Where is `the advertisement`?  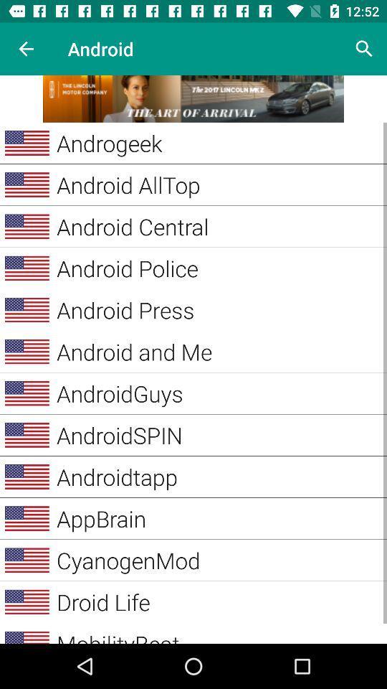 the advertisement is located at coordinates (193, 98).